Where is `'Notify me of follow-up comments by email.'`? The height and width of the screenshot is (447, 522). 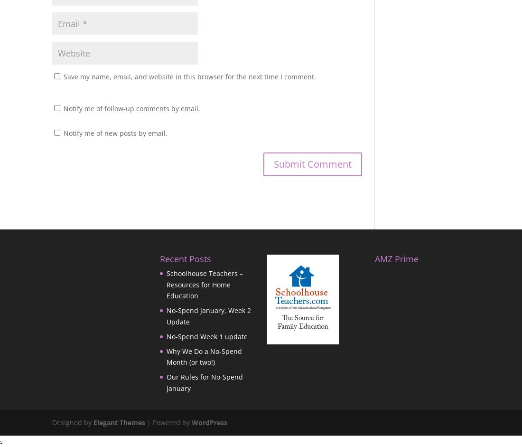
'Notify me of follow-up comments by email.' is located at coordinates (131, 108).